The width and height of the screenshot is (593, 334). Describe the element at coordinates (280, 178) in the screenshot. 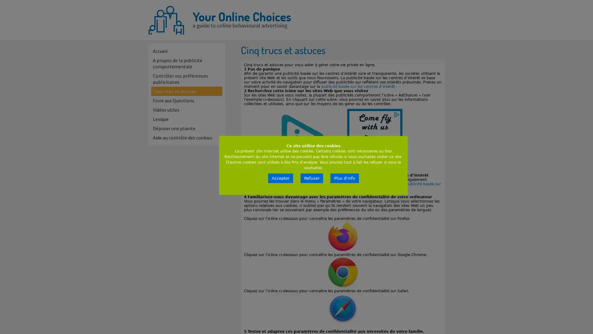

I see `Accepter` at that location.